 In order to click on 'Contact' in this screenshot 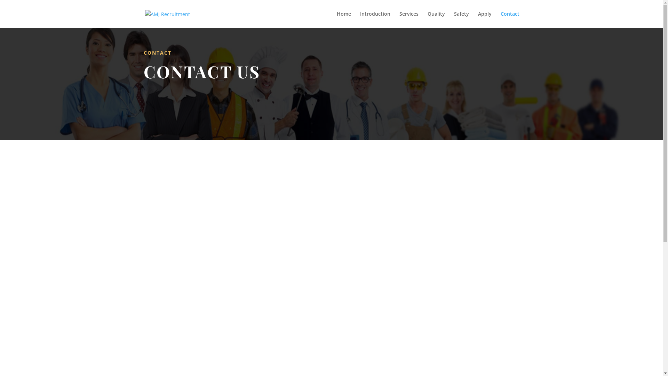, I will do `click(509, 19)`.